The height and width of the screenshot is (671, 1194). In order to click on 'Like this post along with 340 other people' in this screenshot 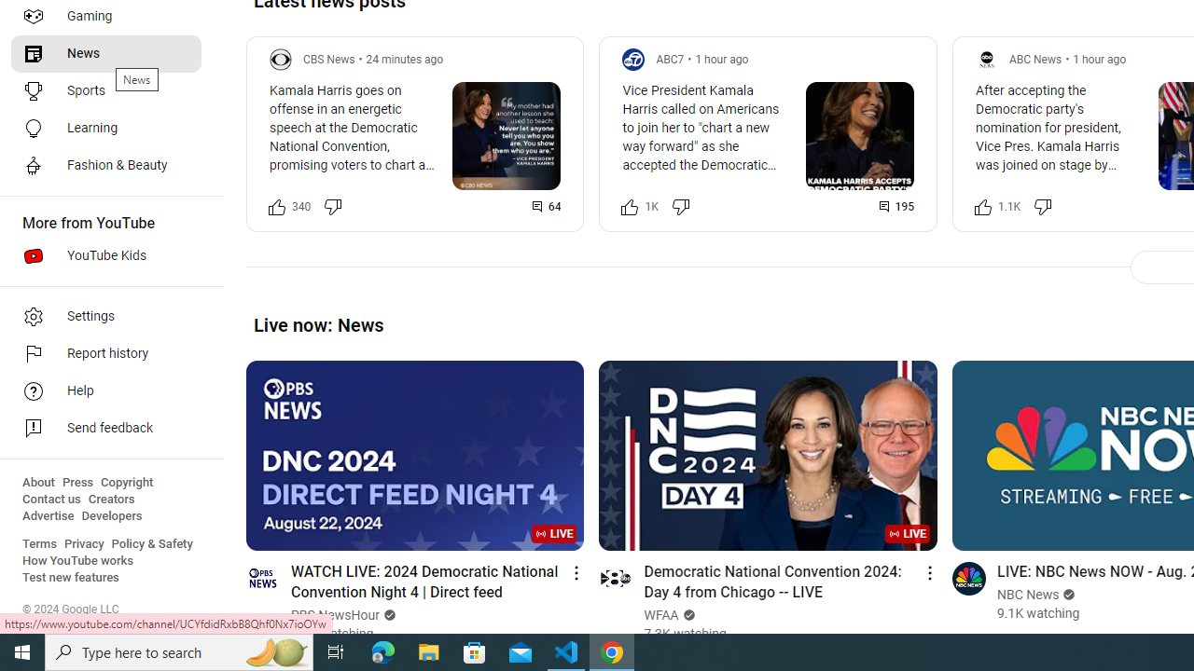, I will do `click(276, 206)`.